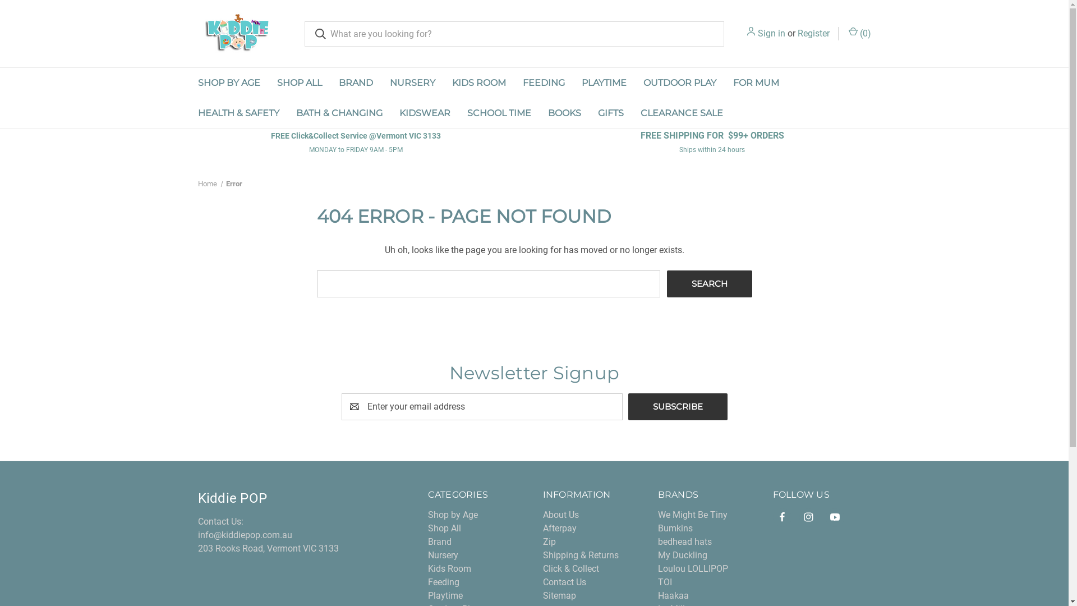  What do you see at coordinates (673, 595) in the screenshot?
I see `'Haakaa'` at bounding box center [673, 595].